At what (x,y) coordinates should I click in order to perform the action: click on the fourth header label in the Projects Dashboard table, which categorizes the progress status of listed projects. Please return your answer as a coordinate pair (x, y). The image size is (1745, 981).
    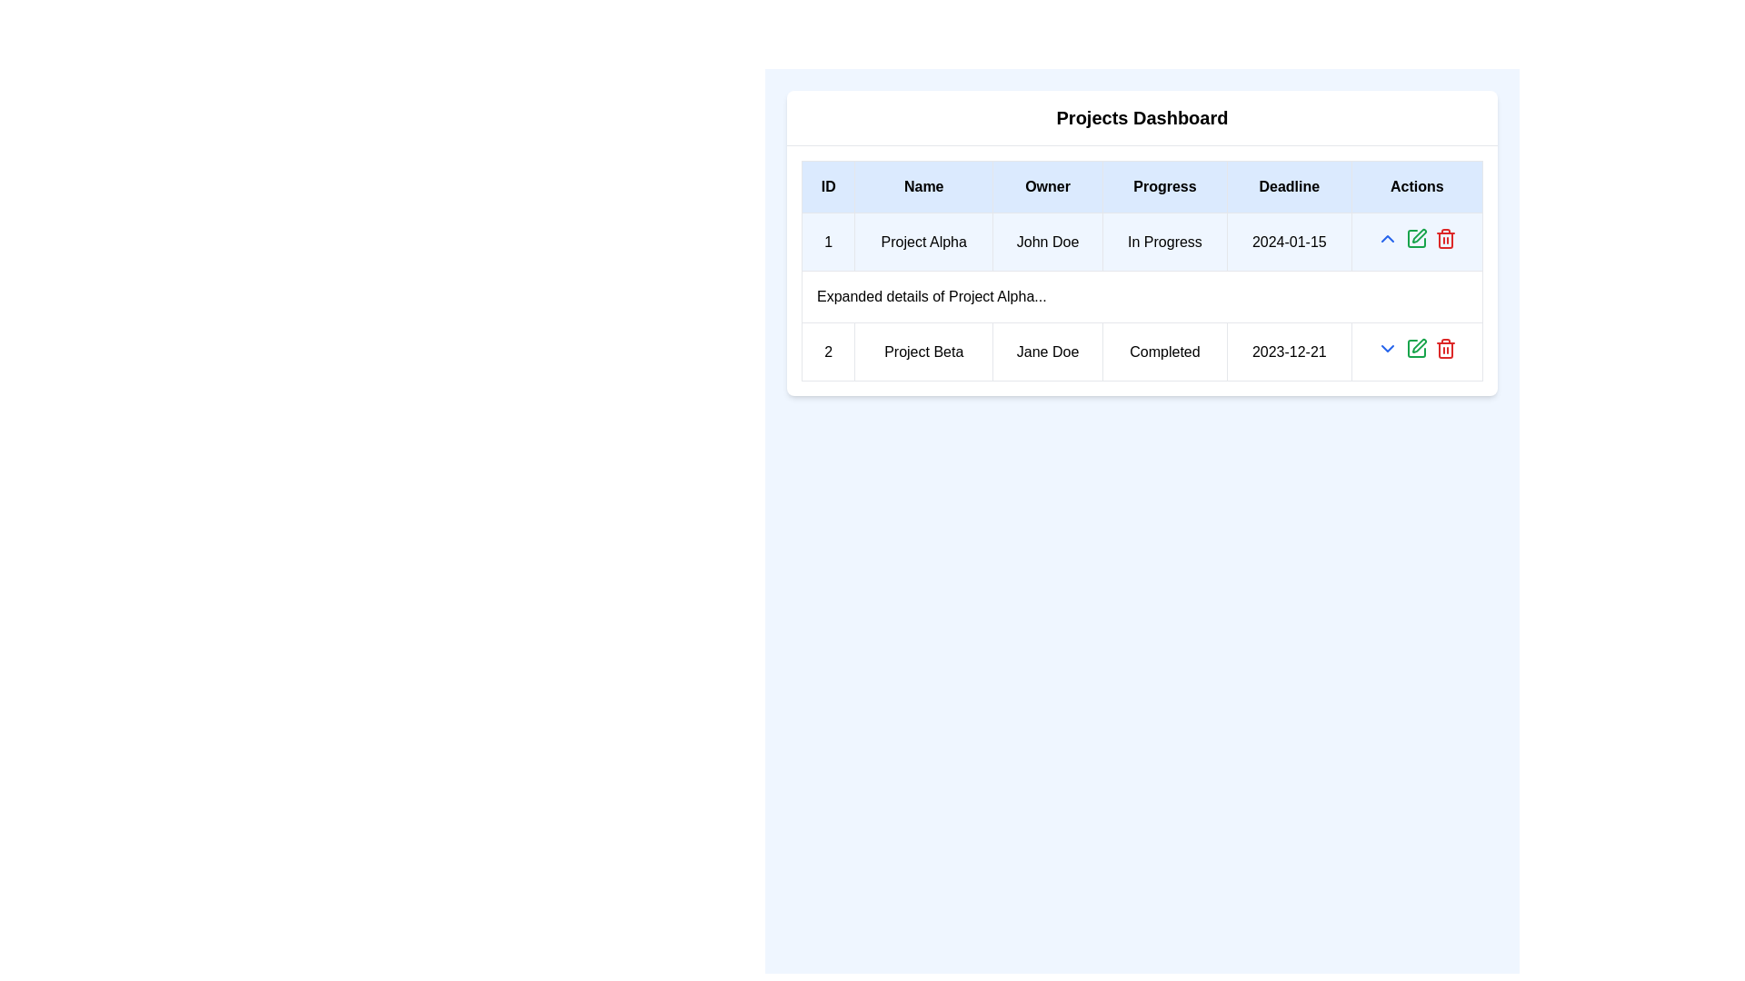
    Looking at the image, I should click on (1164, 186).